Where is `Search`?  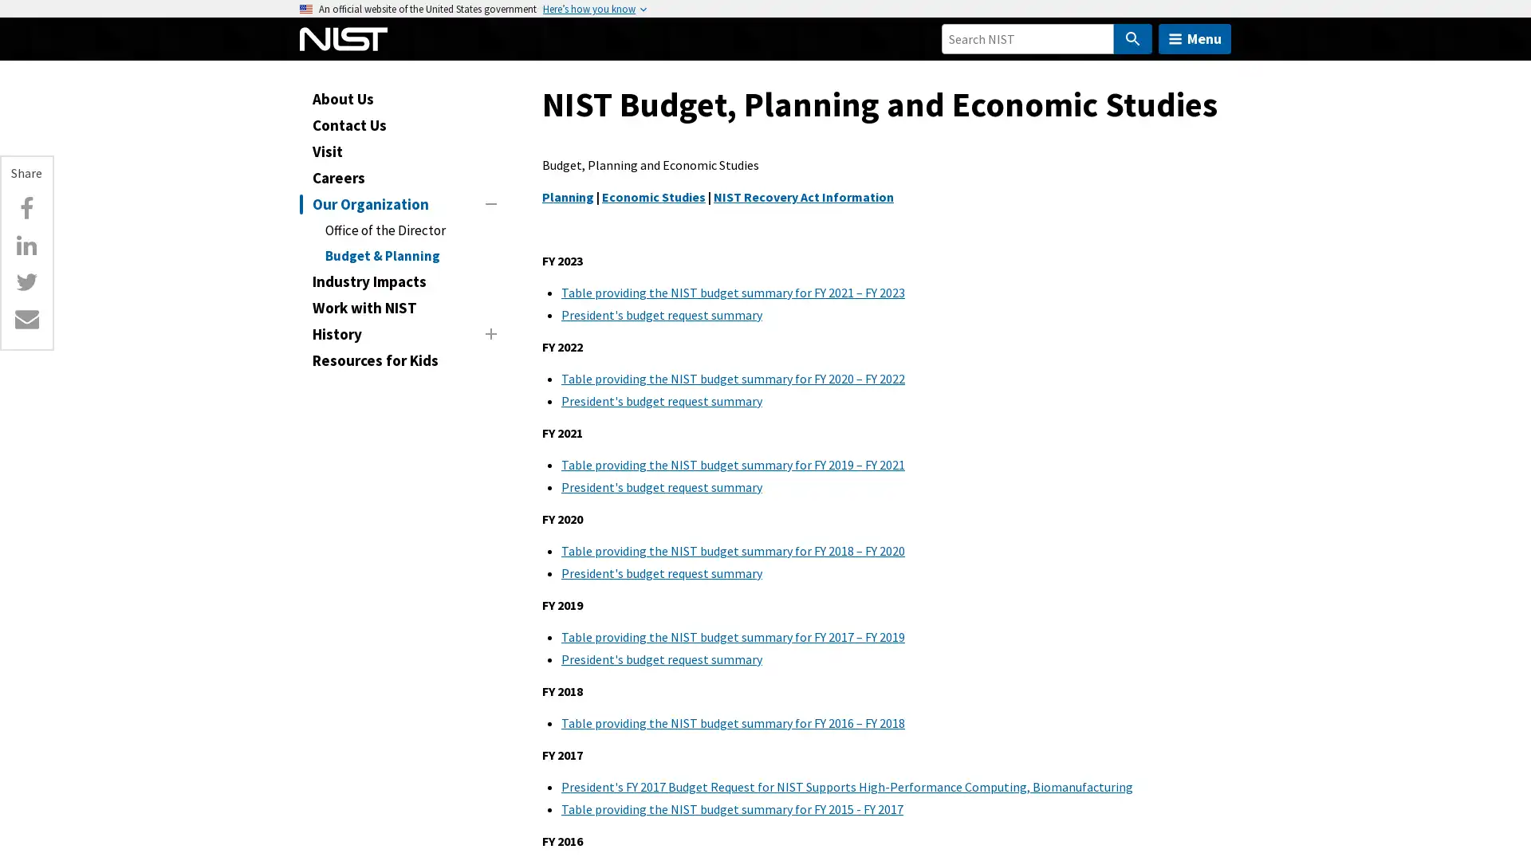 Search is located at coordinates (1132, 38).